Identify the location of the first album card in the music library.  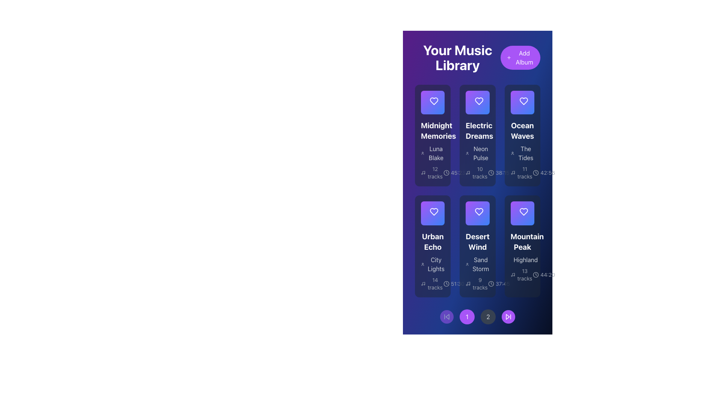
(433, 135).